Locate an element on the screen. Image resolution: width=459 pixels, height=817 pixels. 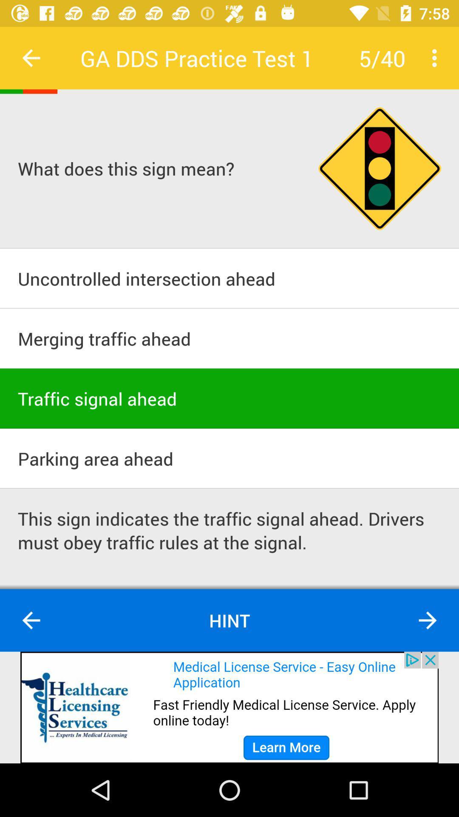
previous is located at coordinates (31, 620).